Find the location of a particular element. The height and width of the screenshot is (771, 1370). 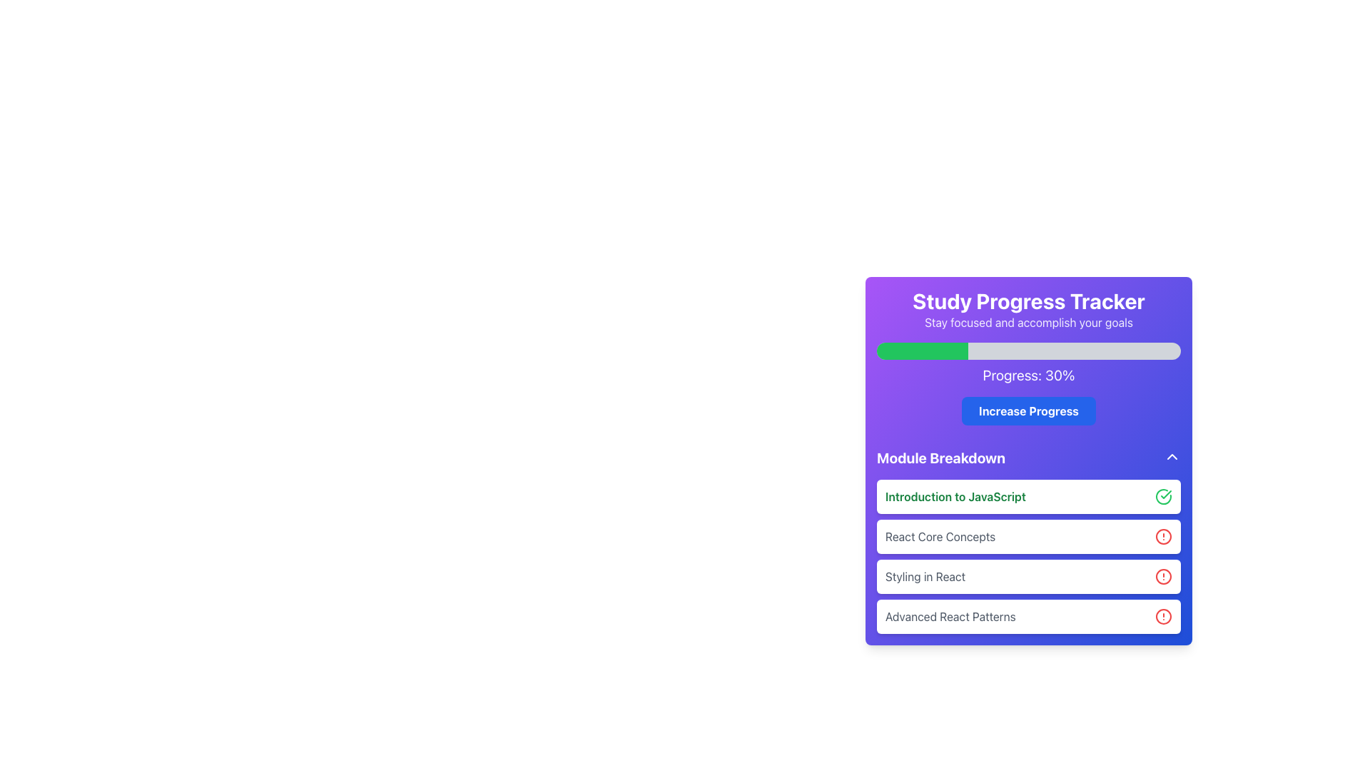

the card titled 'Styling in React' for additional actions or details by clicking on it is located at coordinates (1028, 575).